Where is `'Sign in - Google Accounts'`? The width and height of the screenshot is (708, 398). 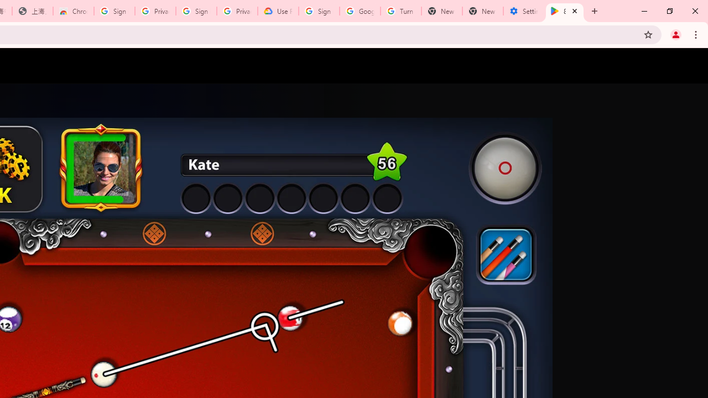
'Sign in - Google Accounts' is located at coordinates (319, 11).